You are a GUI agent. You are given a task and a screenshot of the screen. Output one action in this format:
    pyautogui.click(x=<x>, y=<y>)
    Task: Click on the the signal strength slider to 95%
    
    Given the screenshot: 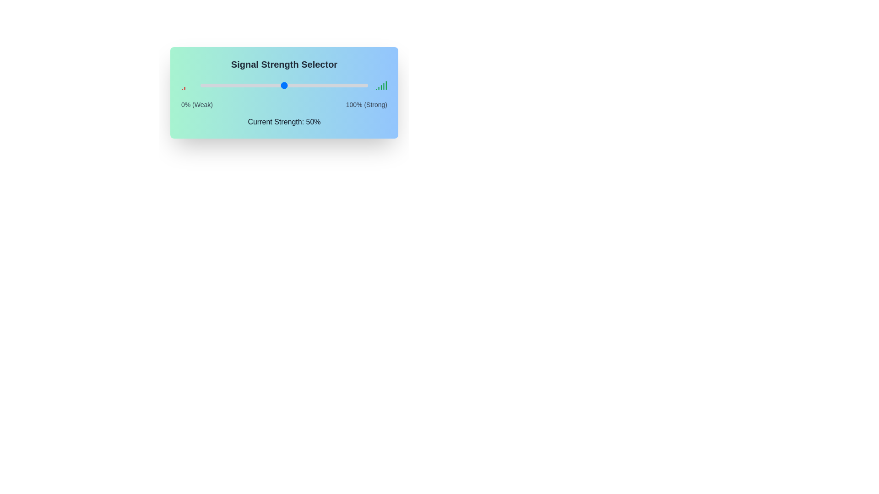 What is the action you would take?
    pyautogui.click(x=358, y=85)
    